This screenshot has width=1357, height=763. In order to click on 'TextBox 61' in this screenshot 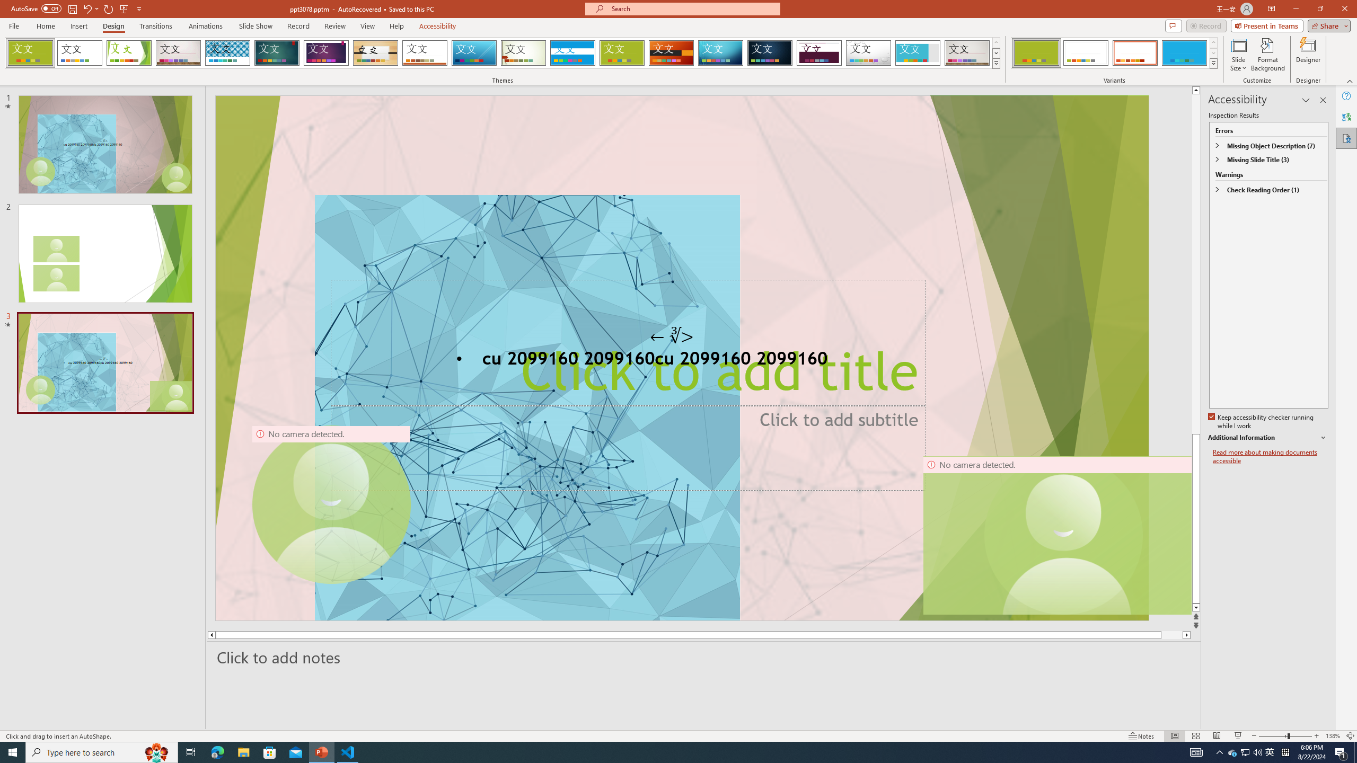, I will do `click(681, 360)`.